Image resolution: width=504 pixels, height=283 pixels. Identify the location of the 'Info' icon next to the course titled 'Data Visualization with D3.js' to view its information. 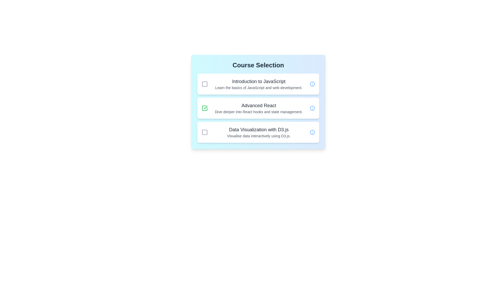
(312, 132).